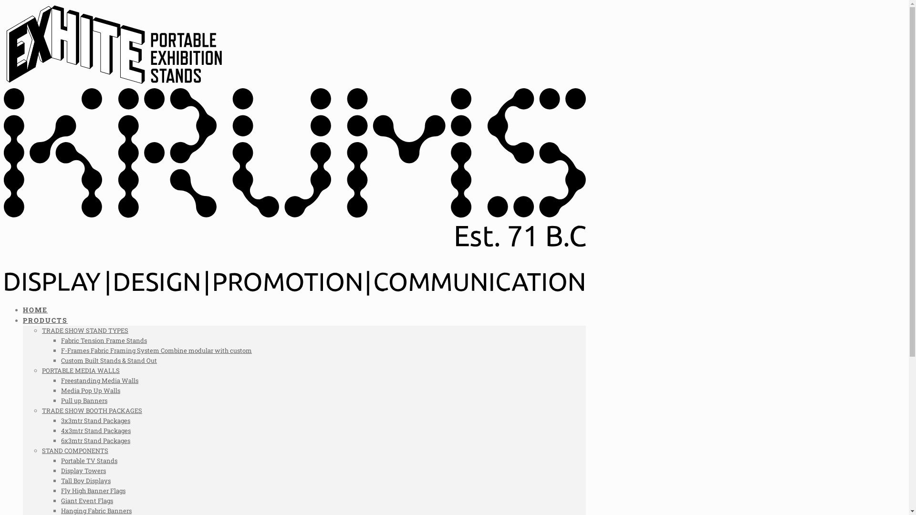 The image size is (916, 515). What do you see at coordinates (61, 420) in the screenshot?
I see `'3x3mtr Stand Packages'` at bounding box center [61, 420].